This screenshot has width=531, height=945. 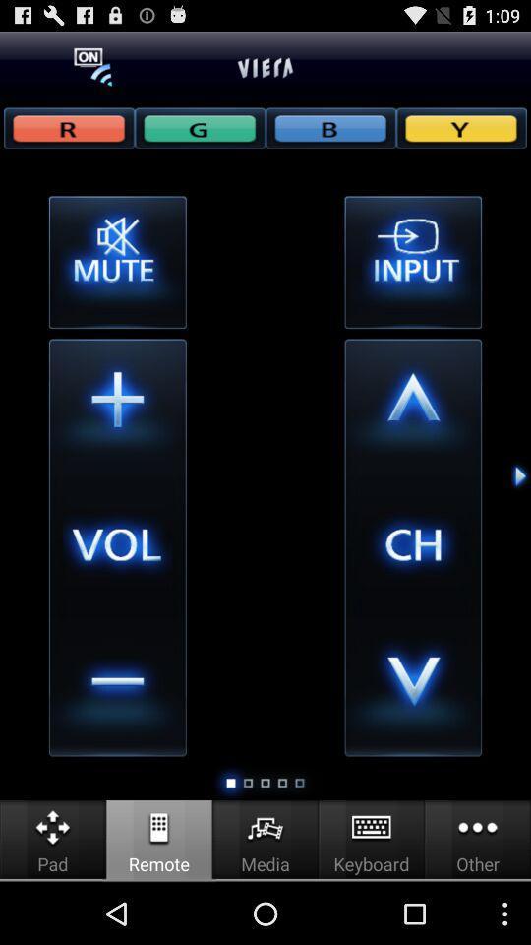 What do you see at coordinates (117, 407) in the screenshot?
I see `volume` at bounding box center [117, 407].